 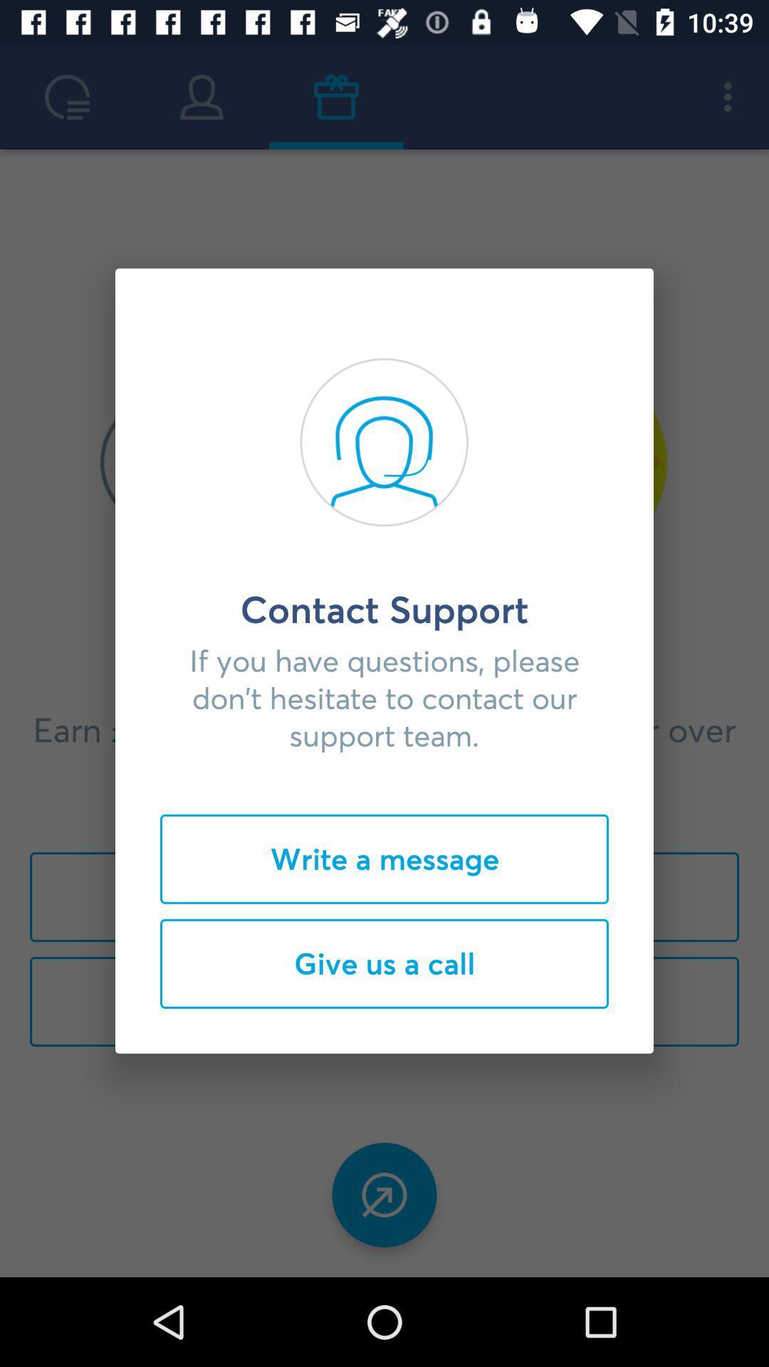 I want to click on the icon above the give us a item, so click(x=384, y=858).